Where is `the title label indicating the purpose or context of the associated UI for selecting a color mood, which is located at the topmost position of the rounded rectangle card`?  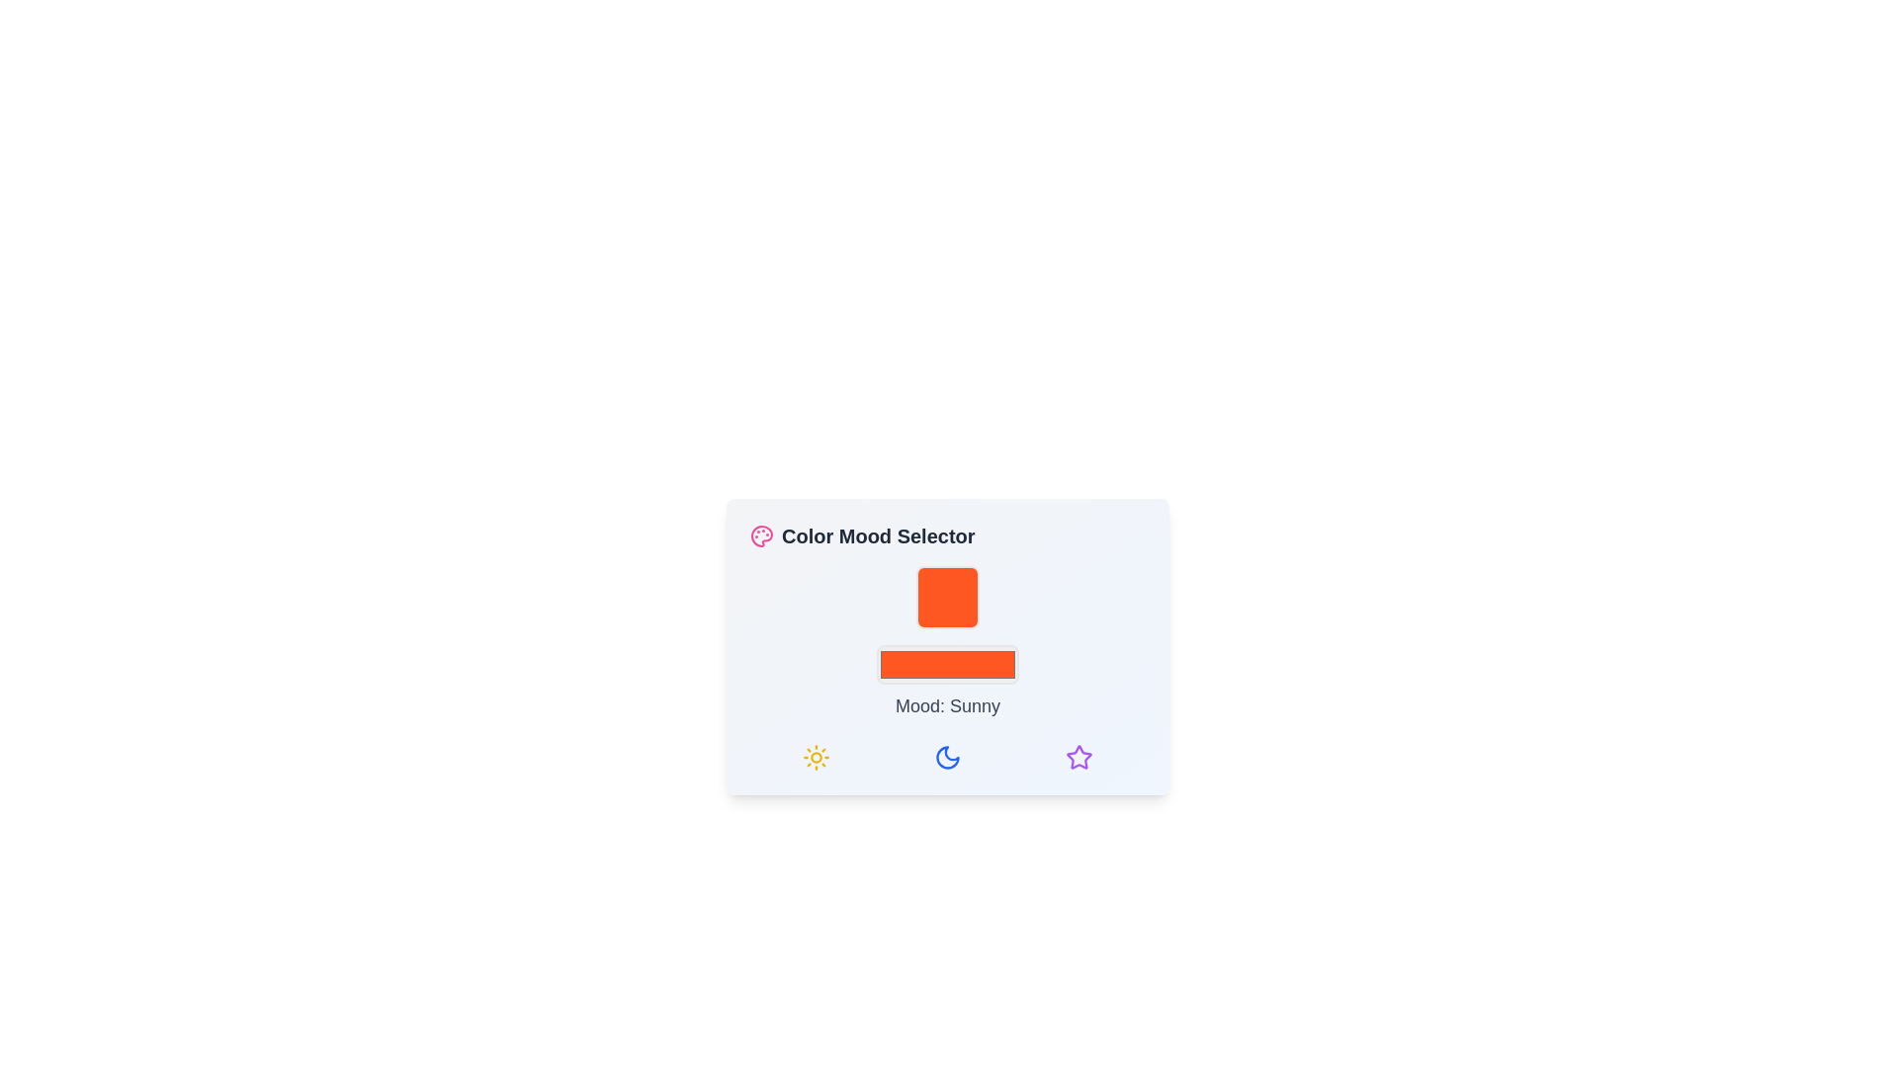 the title label indicating the purpose or context of the associated UI for selecting a color mood, which is located at the topmost position of the rounded rectangle card is located at coordinates (947, 536).